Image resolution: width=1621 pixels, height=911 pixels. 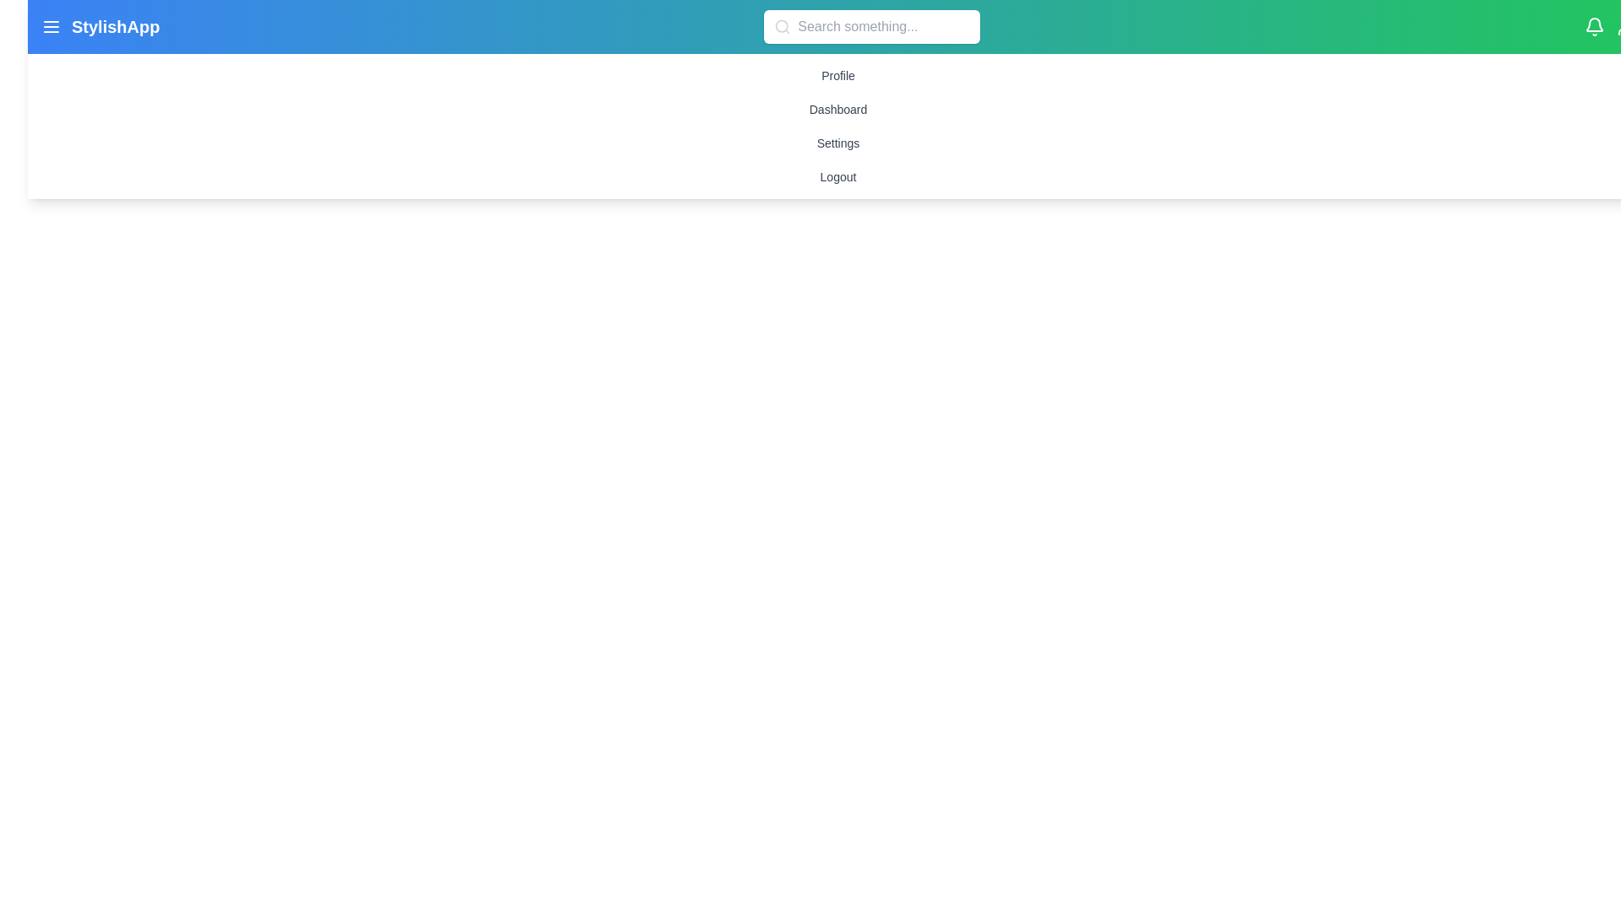 What do you see at coordinates (115, 26) in the screenshot?
I see `the 'StylishApp' text label, which is styled with bold, extra-large font and appears on a gradient blue background, located to the right of the menu icon in the application header` at bounding box center [115, 26].